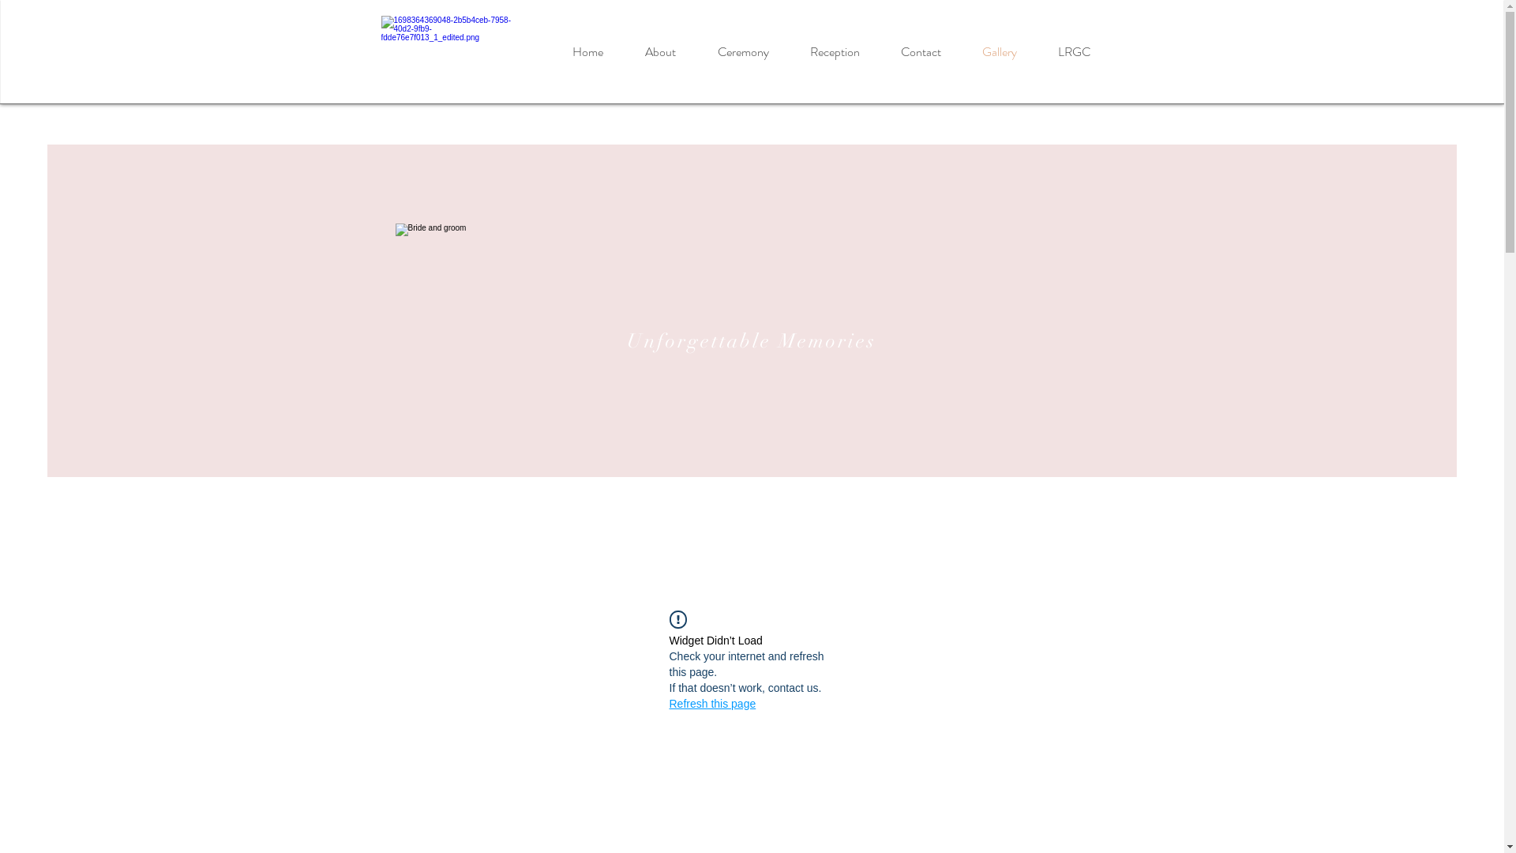 The height and width of the screenshot is (853, 1516). I want to click on 'Contact', so click(920, 51).